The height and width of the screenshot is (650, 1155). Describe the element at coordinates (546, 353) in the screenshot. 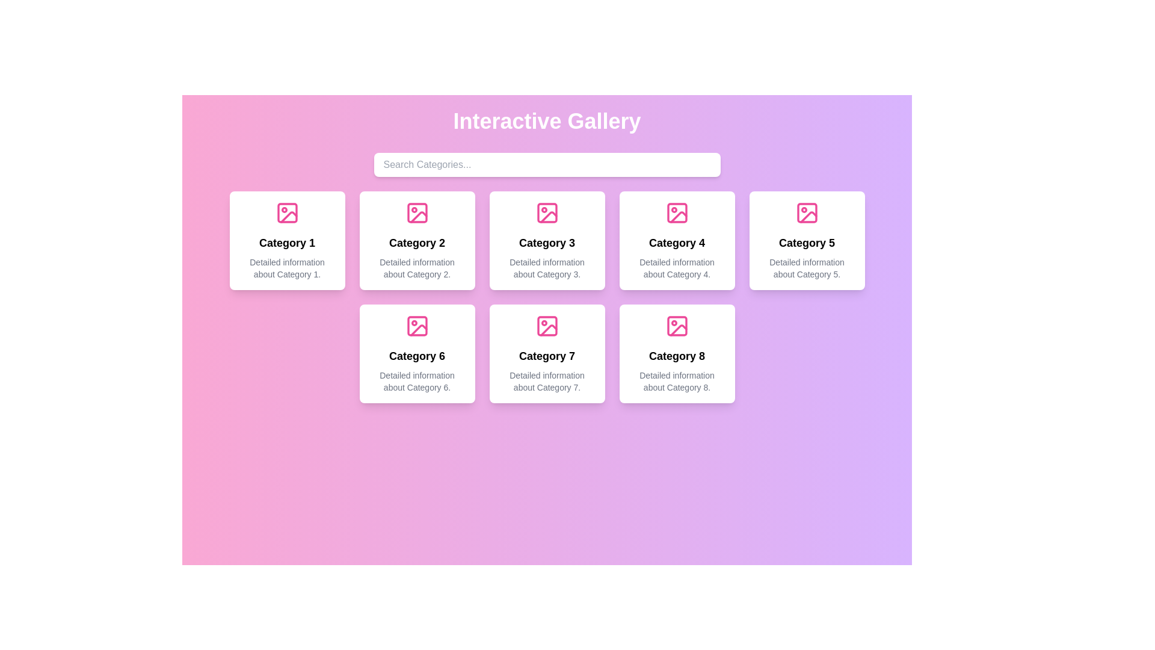

I see `the card element with a white background and rounded corners that contains the title 'Category 7' and is located in the second row, third column of the grid layout` at that location.